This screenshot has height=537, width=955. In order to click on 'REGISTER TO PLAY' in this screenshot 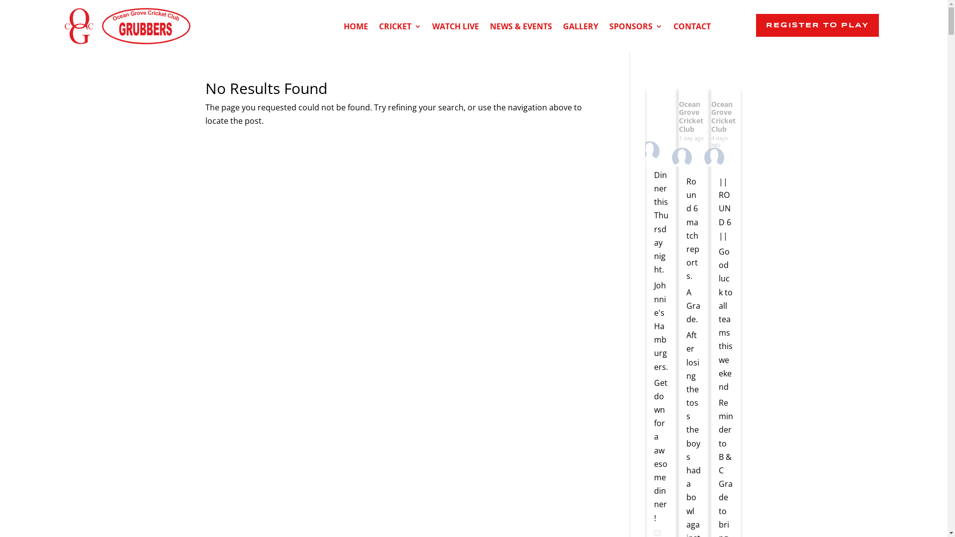, I will do `click(817, 24)`.